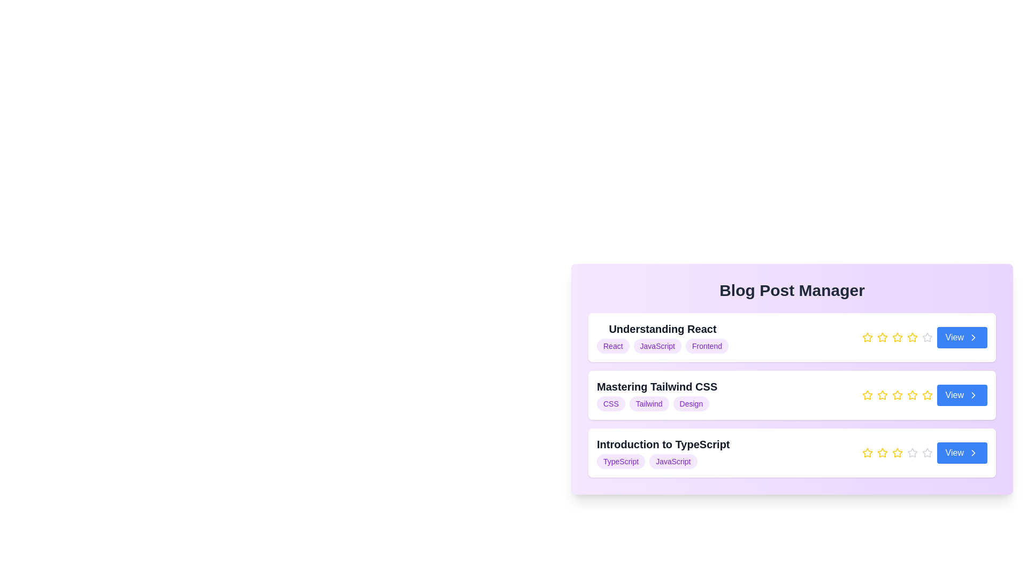 Image resolution: width=1027 pixels, height=577 pixels. I want to click on the third yellow star icon in the rating feature for the 'Mastering Tailwind CSS' post, located in the second row of the list, so click(882, 395).